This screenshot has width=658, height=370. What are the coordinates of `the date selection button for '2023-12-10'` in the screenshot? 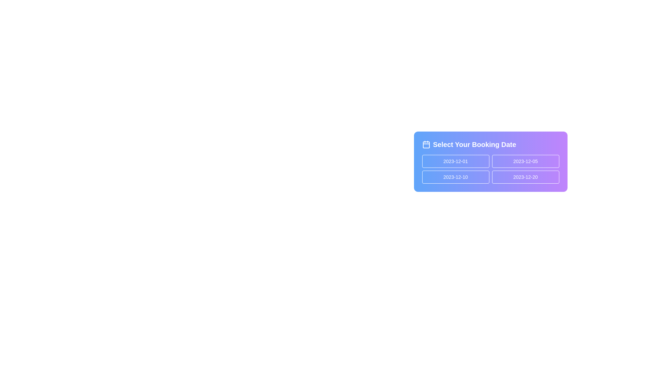 It's located at (455, 176).